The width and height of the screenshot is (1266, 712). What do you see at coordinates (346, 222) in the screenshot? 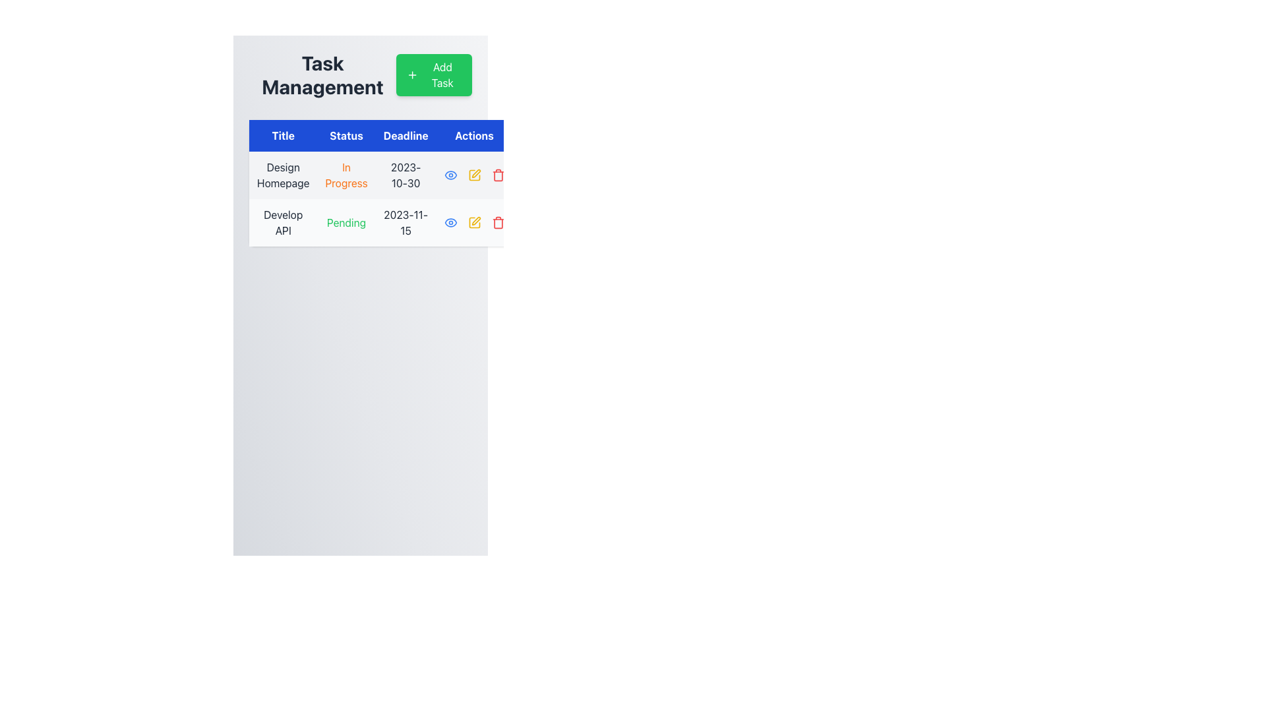
I see `the status text display indicating 'Pending' for the task 'Develop API' in the second column of the table, located beneath the 'Status' header` at bounding box center [346, 222].